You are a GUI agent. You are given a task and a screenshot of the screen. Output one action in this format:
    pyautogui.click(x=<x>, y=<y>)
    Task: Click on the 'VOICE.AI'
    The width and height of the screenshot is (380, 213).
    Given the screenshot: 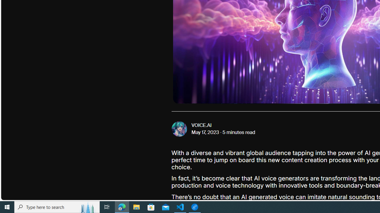 What is the action you would take?
    pyautogui.click(x=202, y=125)
    